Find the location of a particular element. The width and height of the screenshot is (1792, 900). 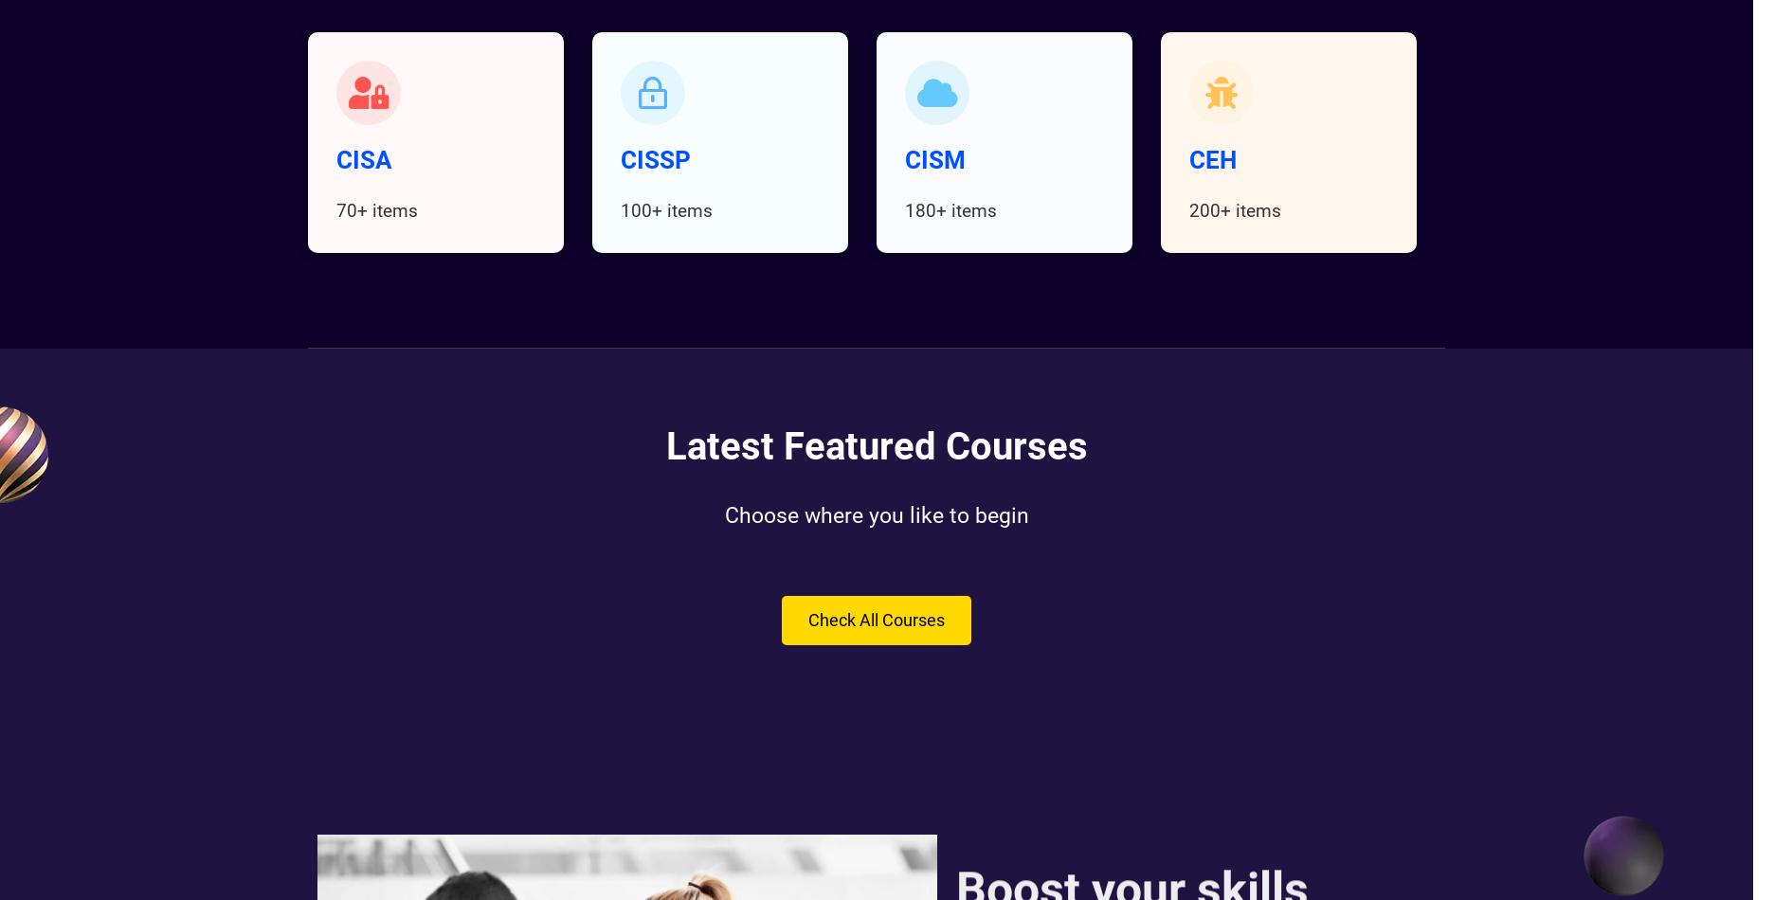

'Choose where you like to begin' is located at coordinates (876, 515).